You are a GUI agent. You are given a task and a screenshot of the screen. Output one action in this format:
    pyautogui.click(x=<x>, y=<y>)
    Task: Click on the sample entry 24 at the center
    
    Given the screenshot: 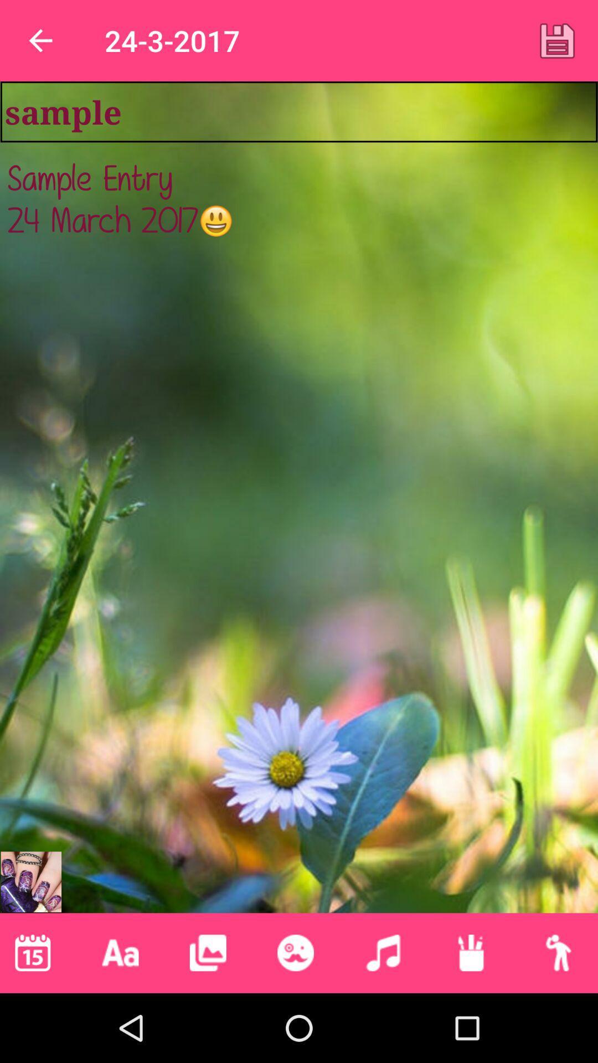 What is the action you would take?
    pyautogui.click(x=299, y=503)
    